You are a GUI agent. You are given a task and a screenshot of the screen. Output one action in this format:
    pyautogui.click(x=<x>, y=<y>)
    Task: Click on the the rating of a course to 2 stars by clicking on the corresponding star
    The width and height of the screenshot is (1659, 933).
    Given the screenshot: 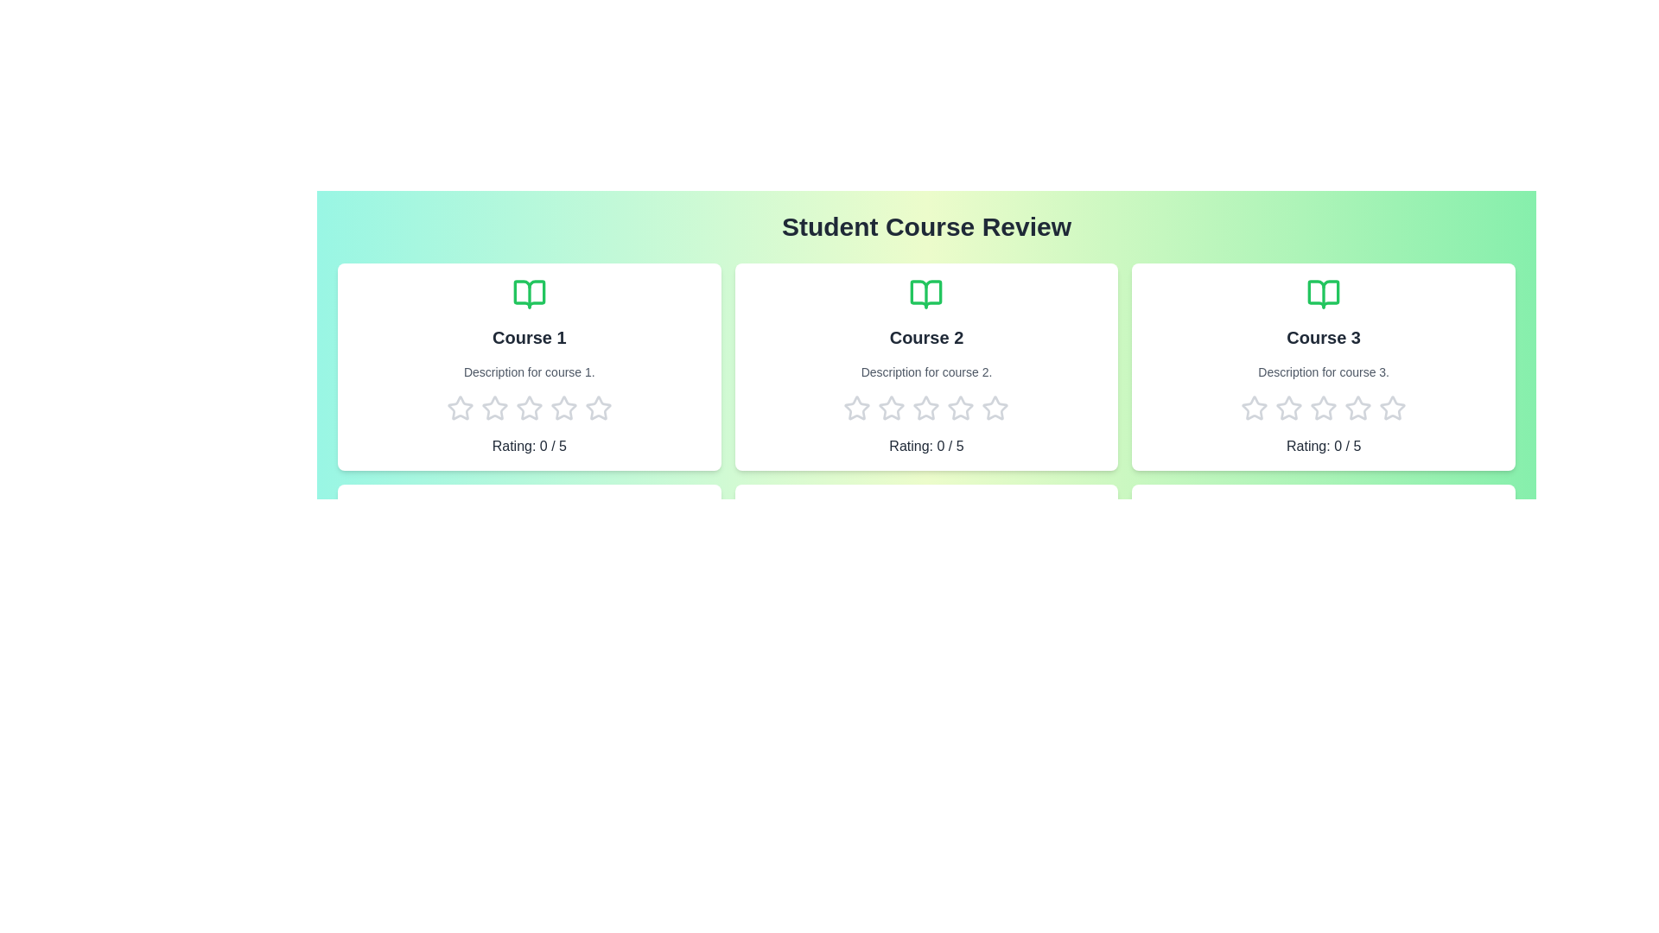 What is the action you would take?
    pyautogui.click(x=493, y=409)
    